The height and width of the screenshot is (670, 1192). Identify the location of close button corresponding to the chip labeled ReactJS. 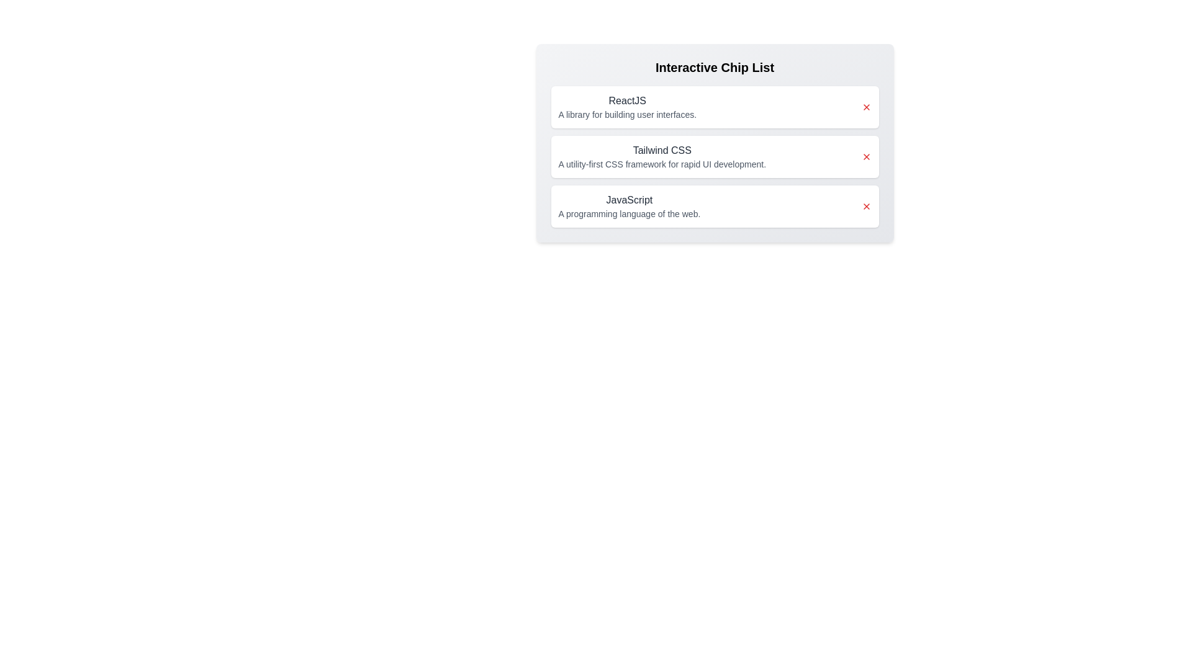
(865, 107).